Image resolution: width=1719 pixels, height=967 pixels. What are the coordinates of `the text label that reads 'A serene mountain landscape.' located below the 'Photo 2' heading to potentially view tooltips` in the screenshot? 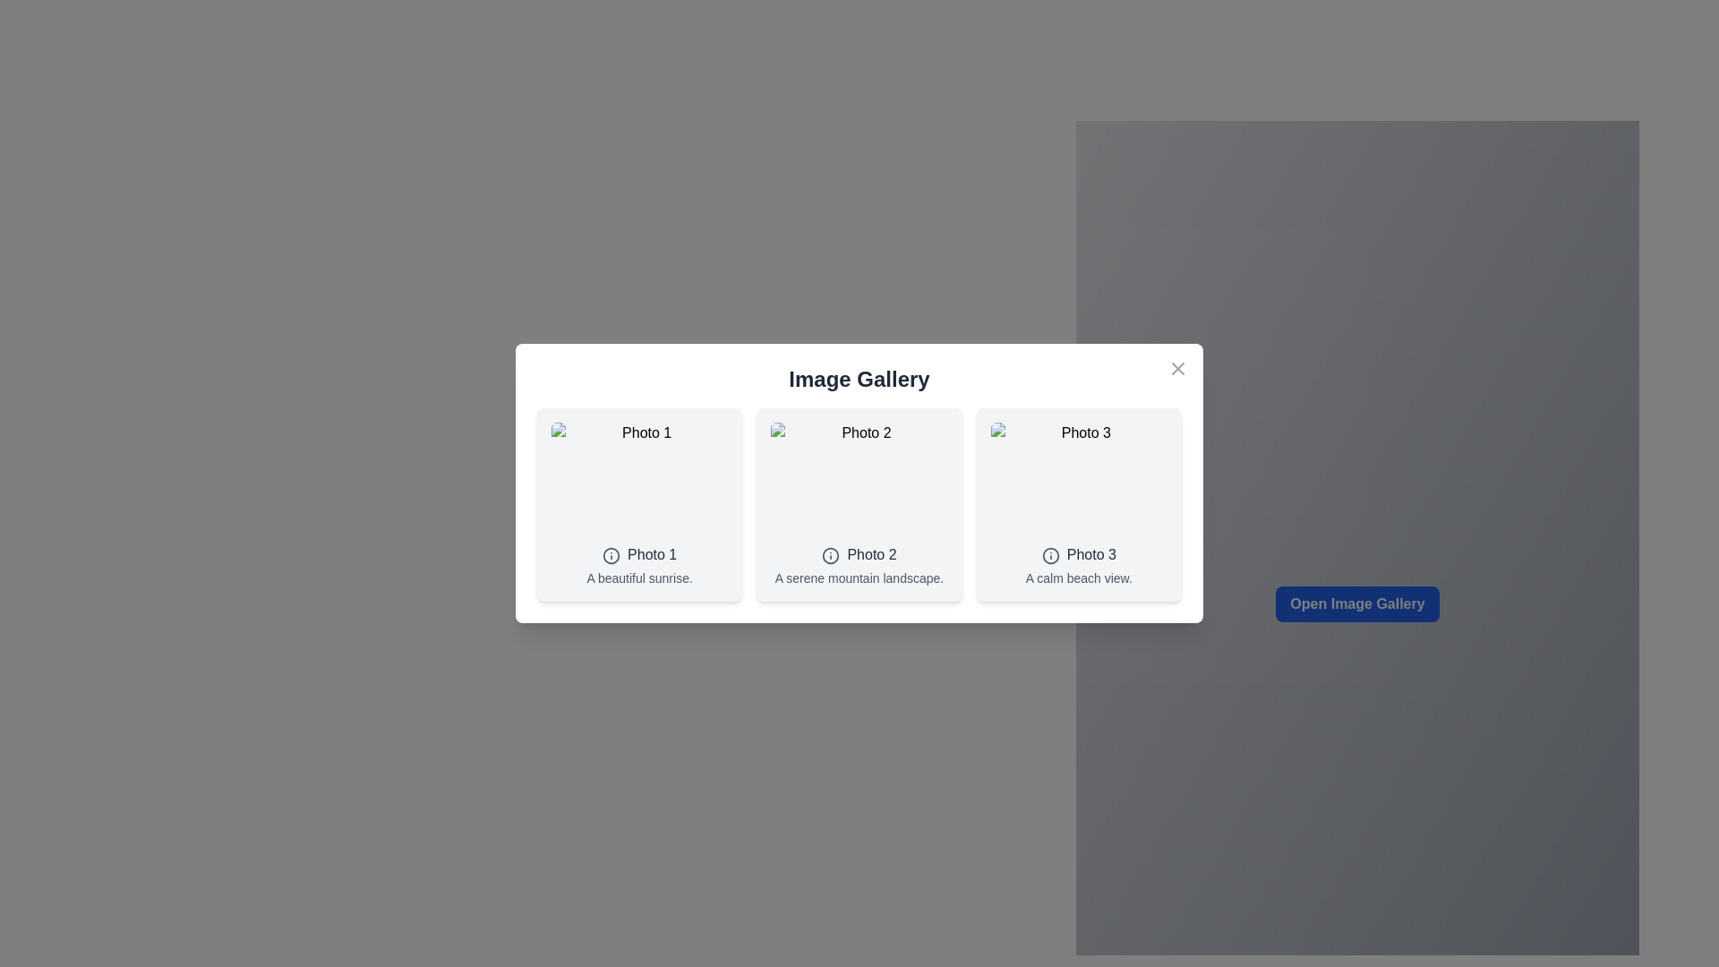 It's located at (859, 578).